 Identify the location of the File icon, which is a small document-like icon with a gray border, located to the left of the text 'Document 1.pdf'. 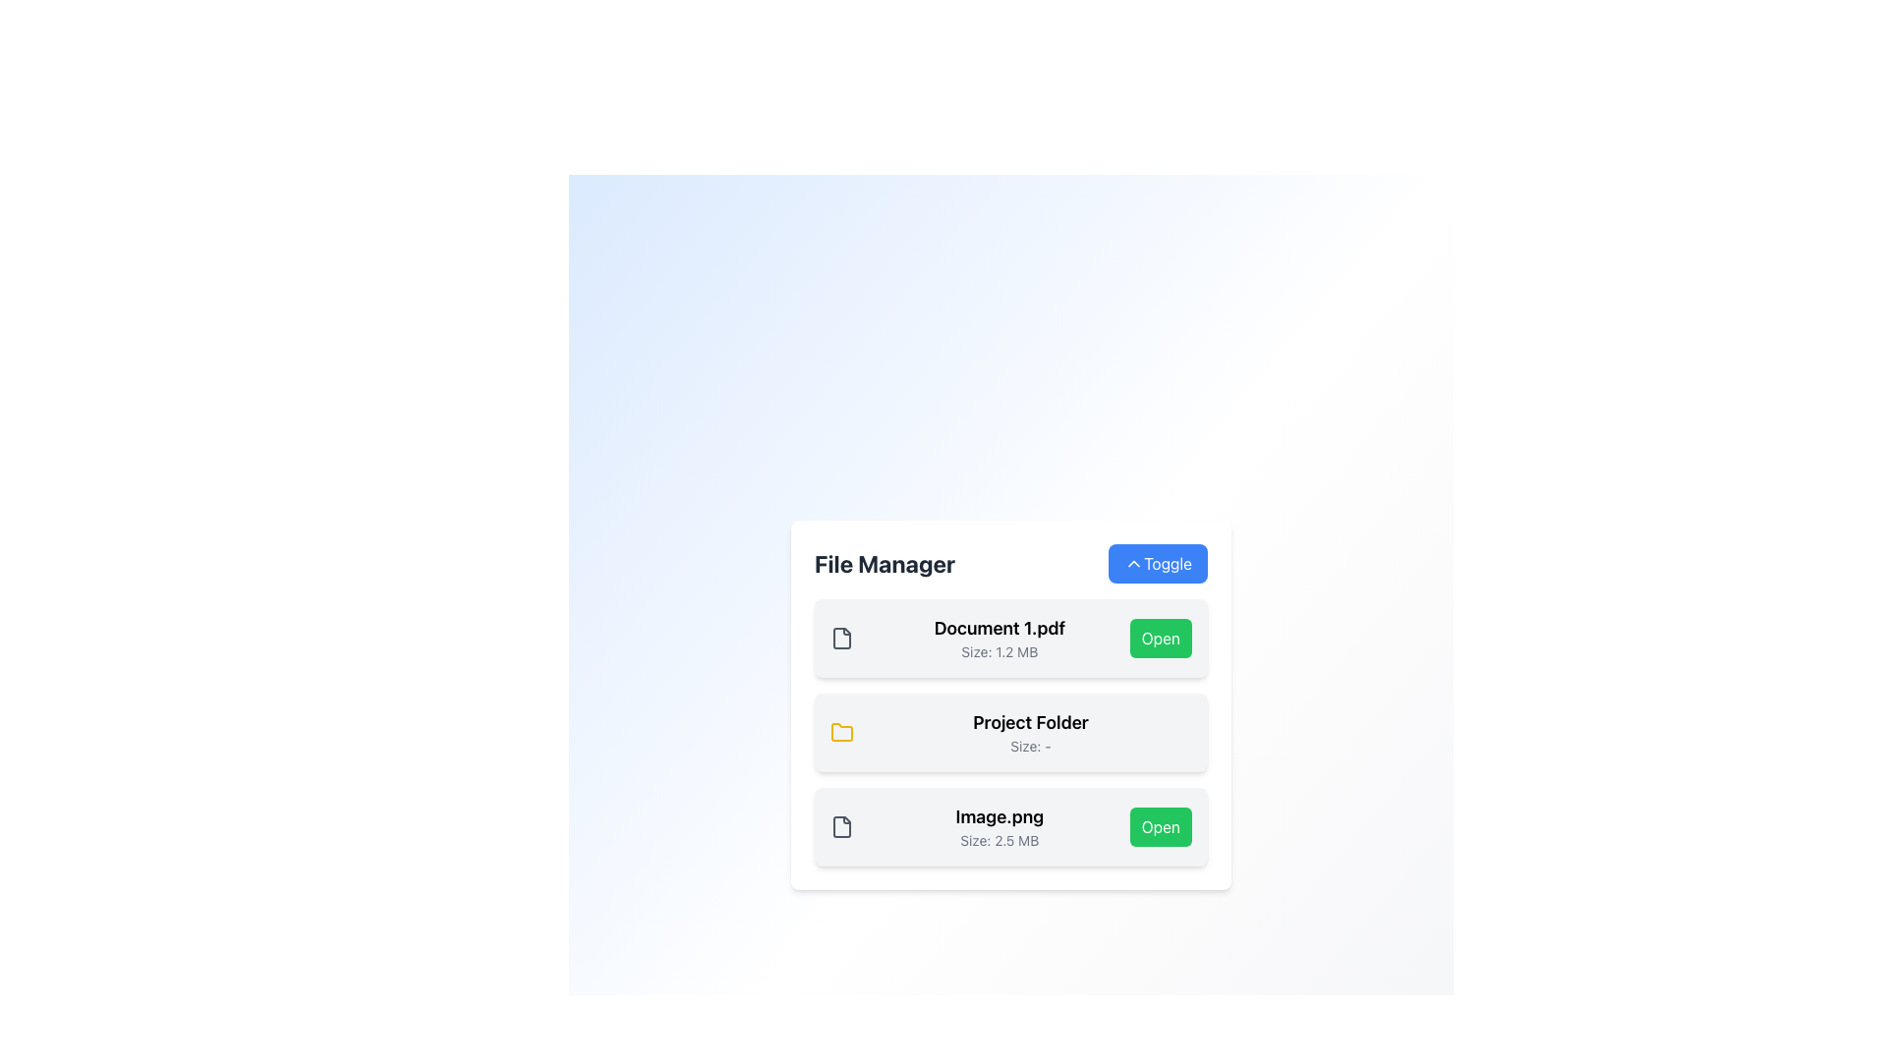
(842, 639).